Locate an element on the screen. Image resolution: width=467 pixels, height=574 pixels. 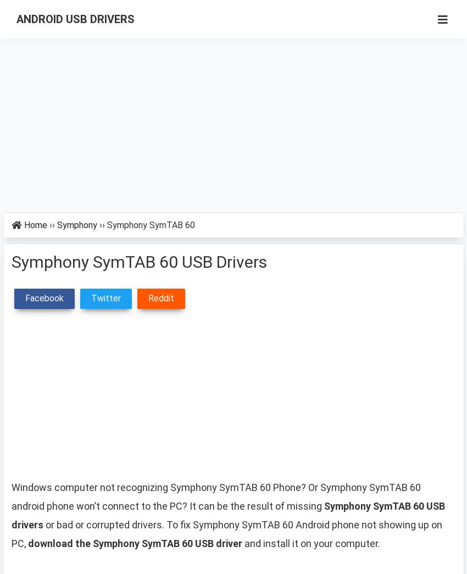
'Home' is located at coordinates (36, 224).